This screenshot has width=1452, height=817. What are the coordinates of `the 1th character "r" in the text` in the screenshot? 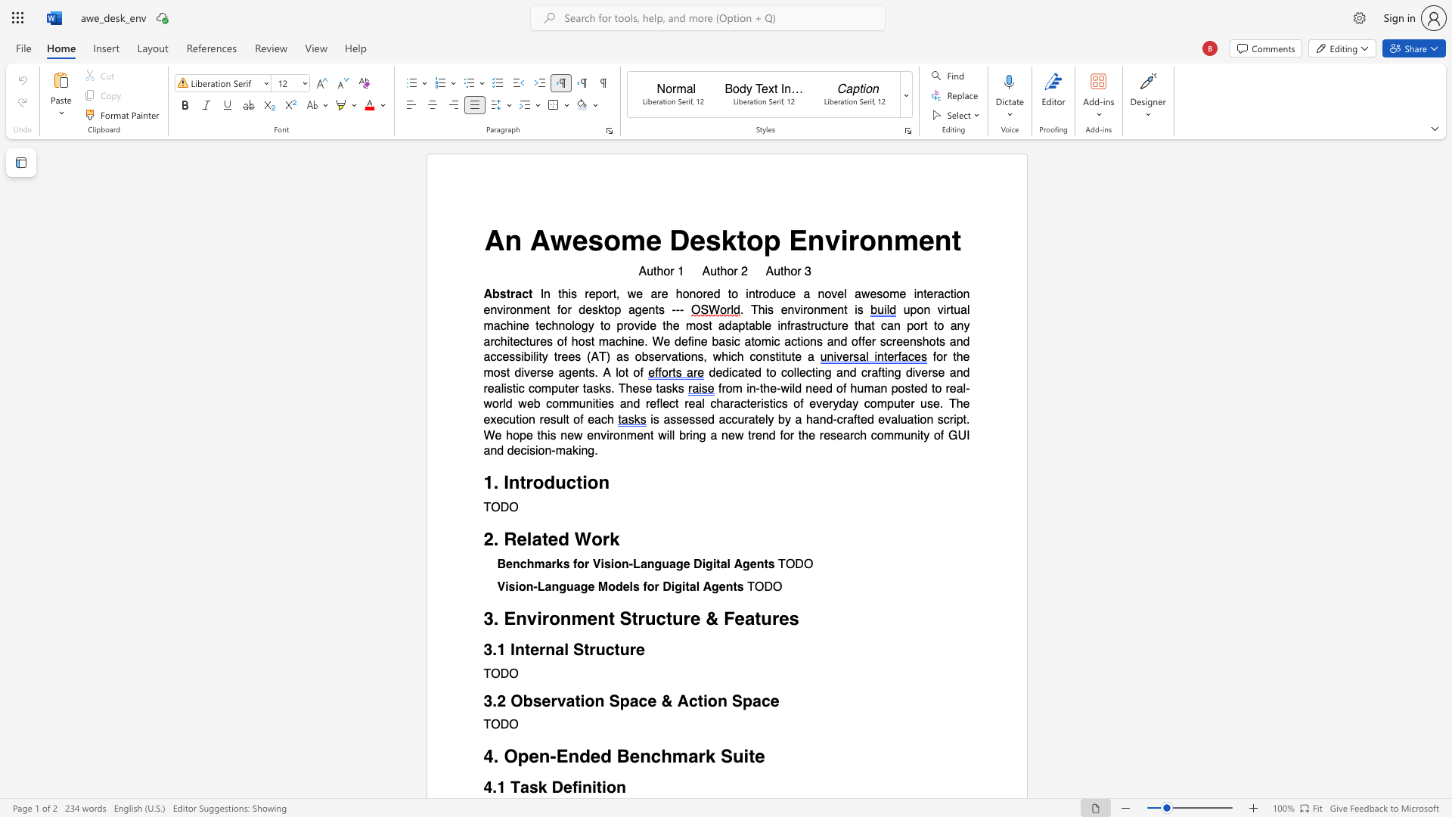 It's located at (529, 483).